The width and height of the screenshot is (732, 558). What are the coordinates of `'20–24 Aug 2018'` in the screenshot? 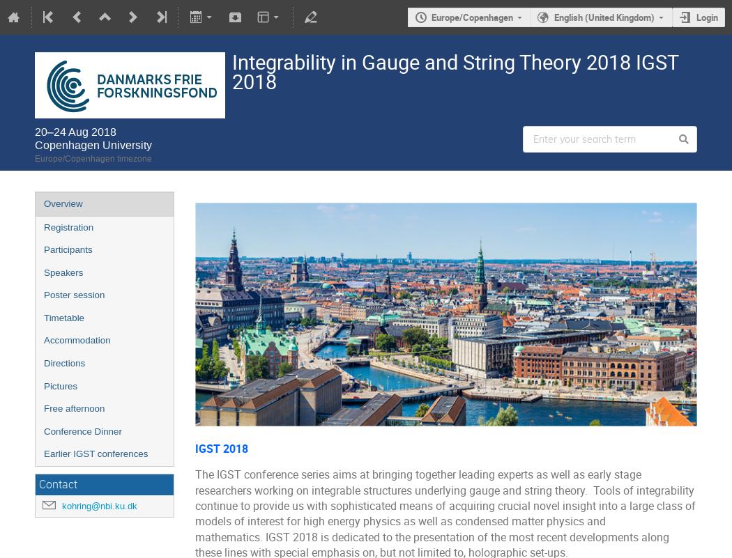 It's located at (75, 131).